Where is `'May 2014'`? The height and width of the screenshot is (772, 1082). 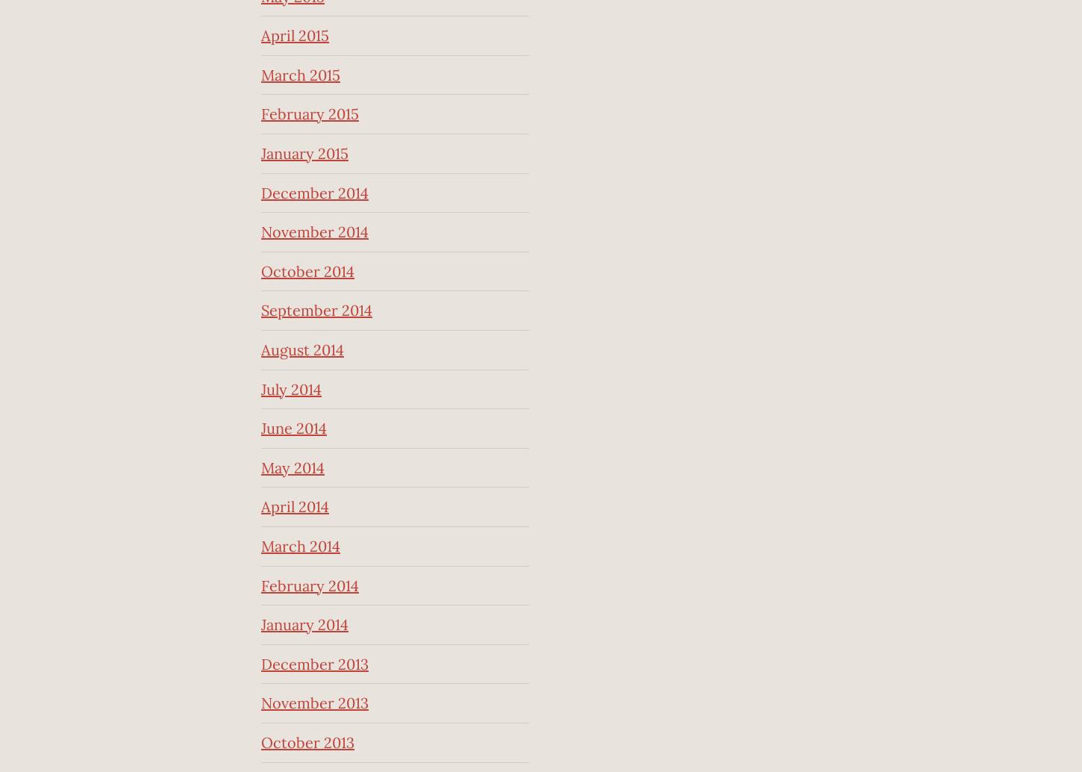 'May 2014' is located at coordinates (292, 467).